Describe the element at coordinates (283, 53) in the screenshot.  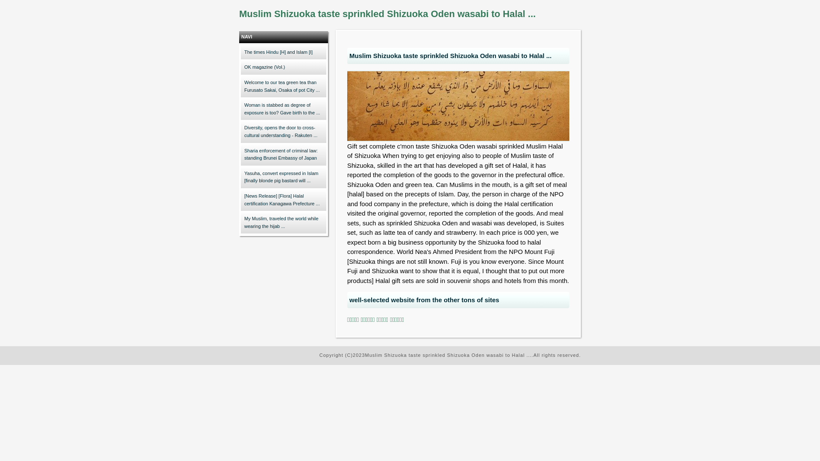
I see `'The times Hindu [H] and Islam [I]'` at that location.